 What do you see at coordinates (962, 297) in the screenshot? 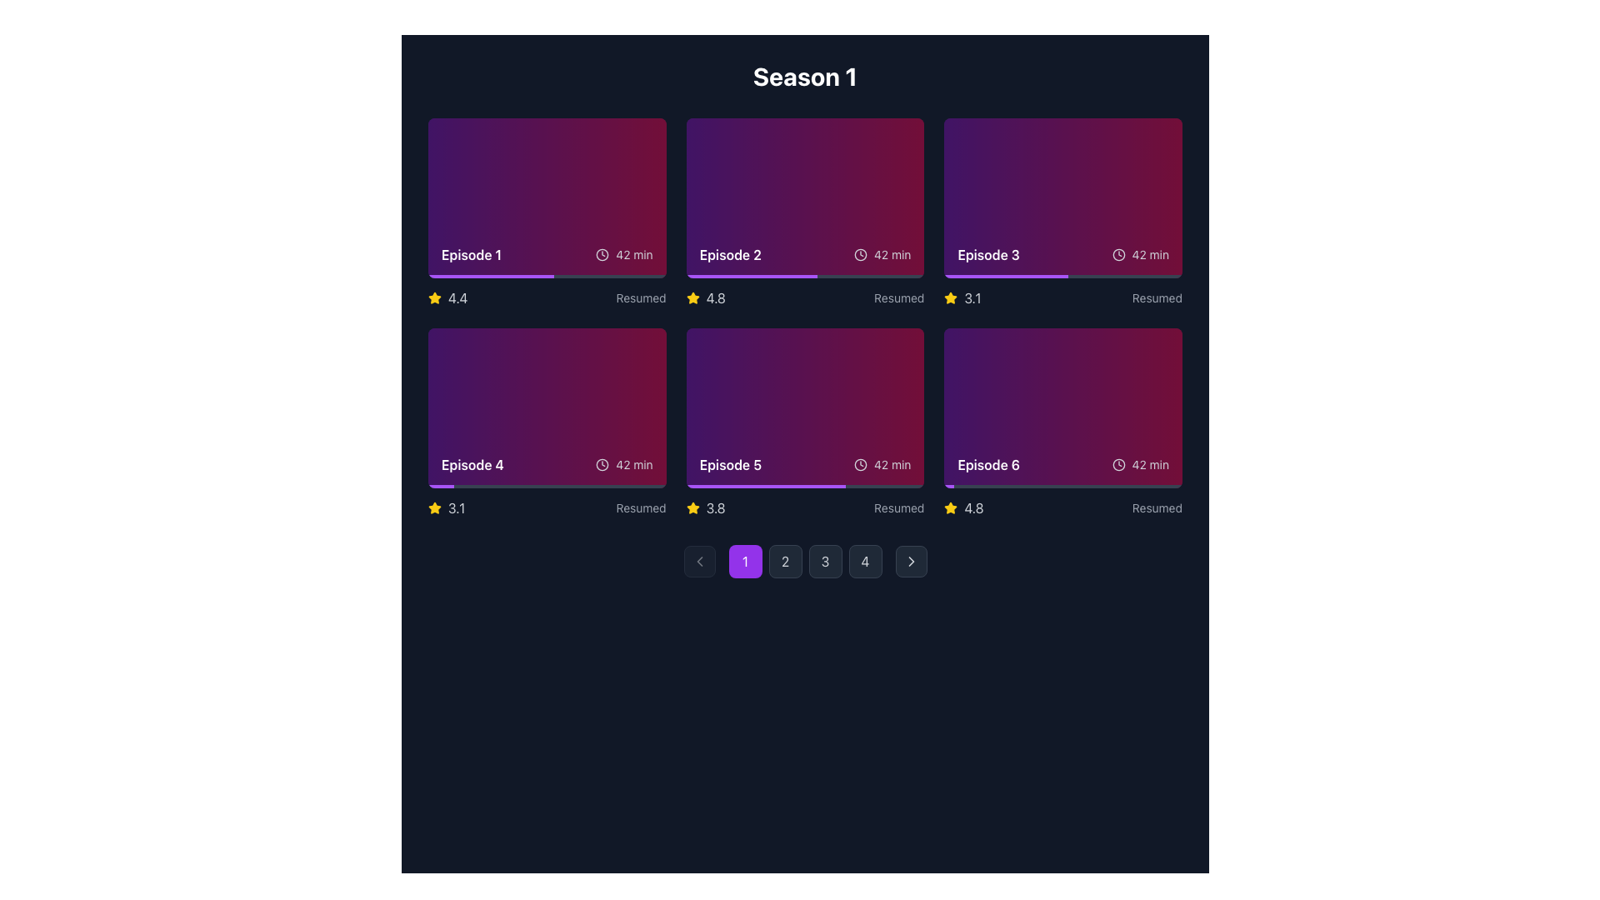
I see `the Rating indicator, which visually represents the average rating score for the corresponding episode card located at the bottom-right section of the third card in the grid layout` at bounding box center [962, 297].